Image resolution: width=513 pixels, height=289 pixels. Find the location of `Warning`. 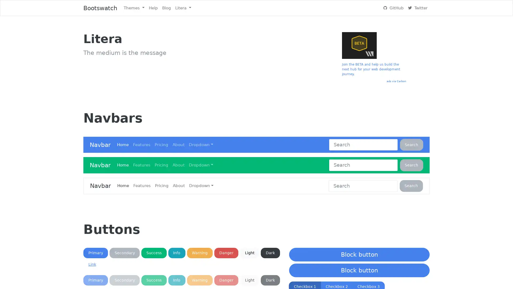

Warning is located at coordinates (199, 253).